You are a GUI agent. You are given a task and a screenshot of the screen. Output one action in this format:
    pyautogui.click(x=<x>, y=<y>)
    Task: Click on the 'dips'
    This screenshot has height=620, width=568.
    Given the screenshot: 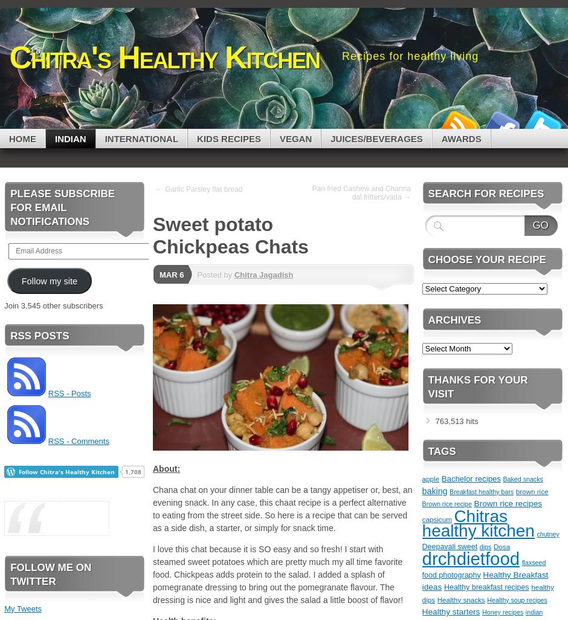 What is the action you would take?
    pyautogui.click(x=485, y=546)
    